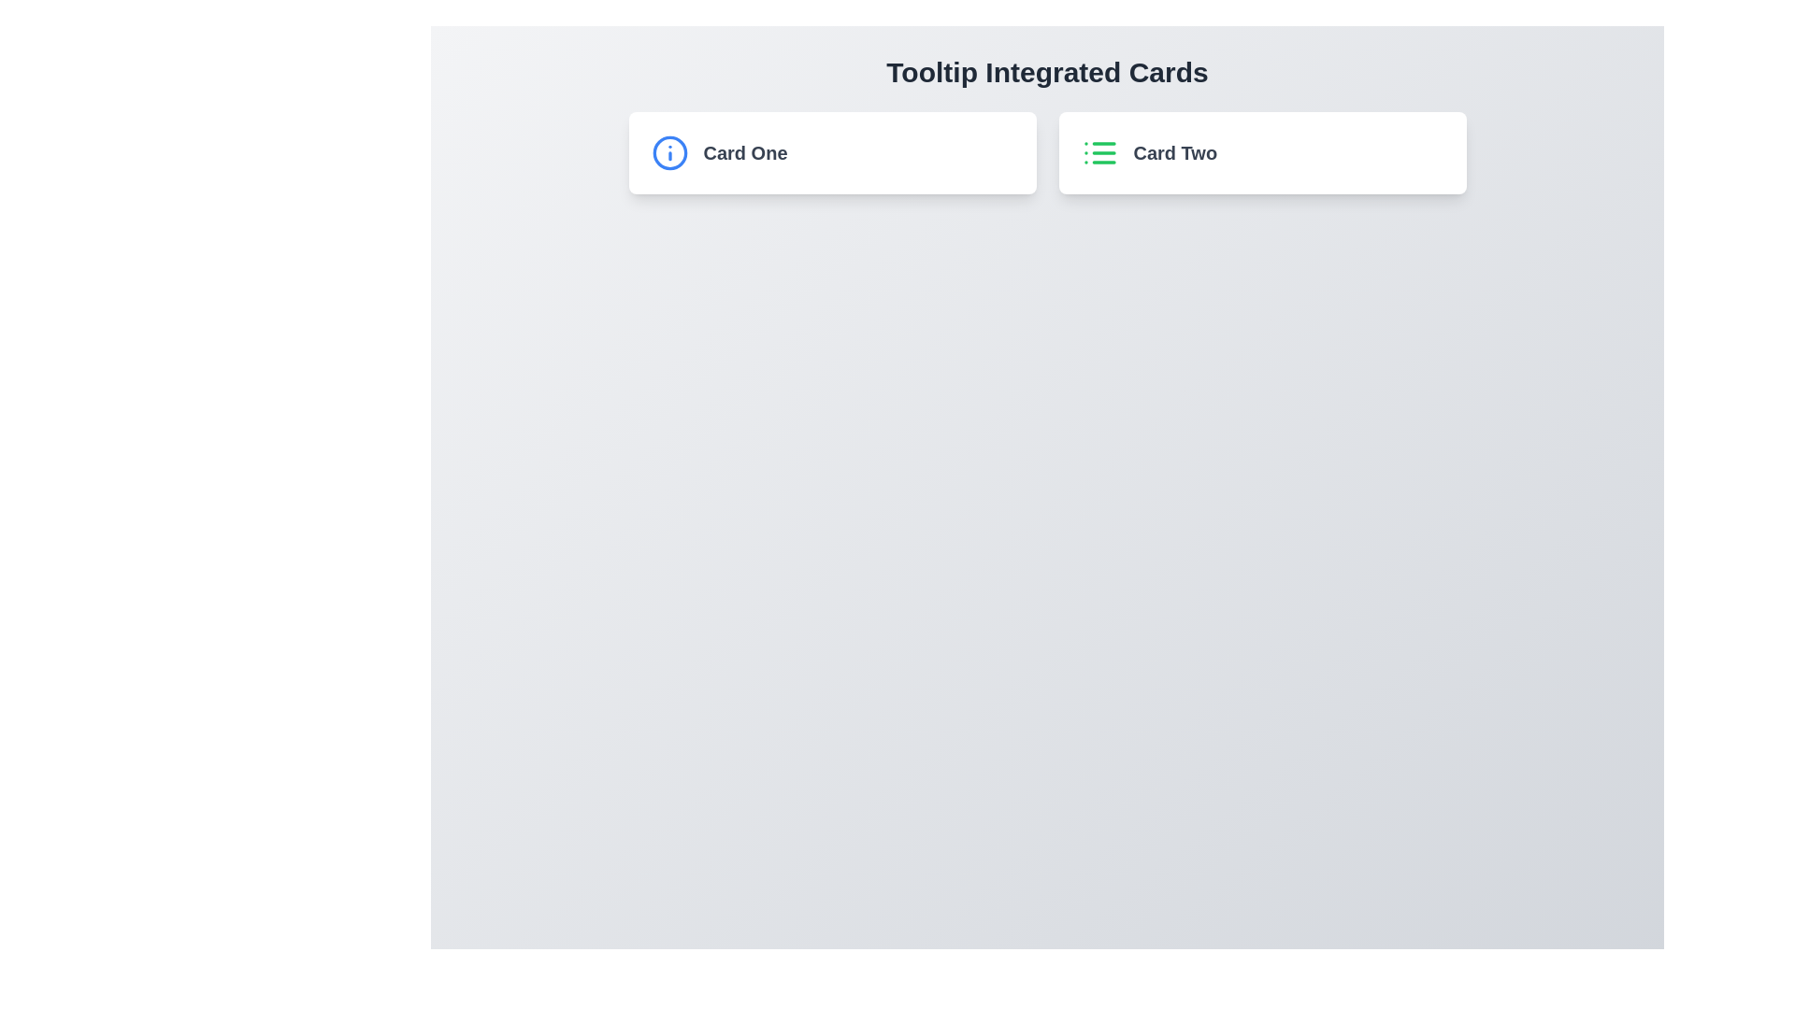  What do you see at coordinates (744, 152) in the screenshot?
I see `on the text label located` at bounding box center [744, 152].